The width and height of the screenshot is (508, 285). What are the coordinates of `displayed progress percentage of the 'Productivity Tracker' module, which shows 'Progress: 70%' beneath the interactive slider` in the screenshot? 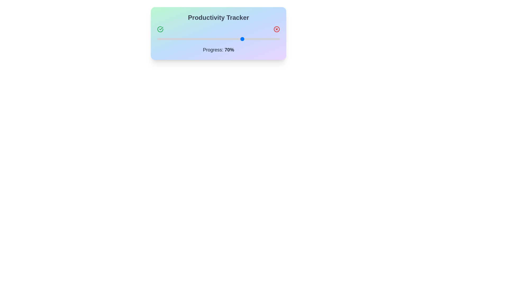 It's located at (218, 34).